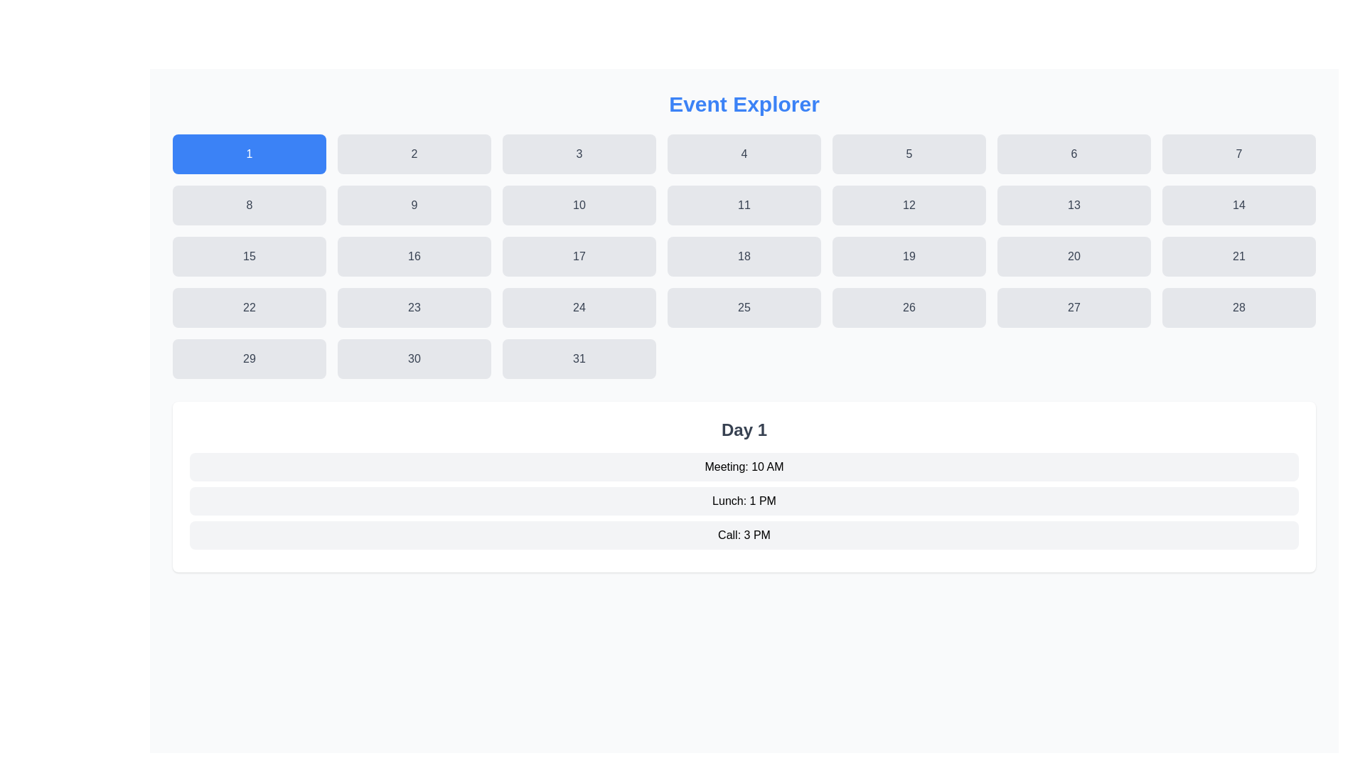 The image size is (1365, 768). I want to click on the button labeled '5' in the Event Explorer interface, so click(908, 154).